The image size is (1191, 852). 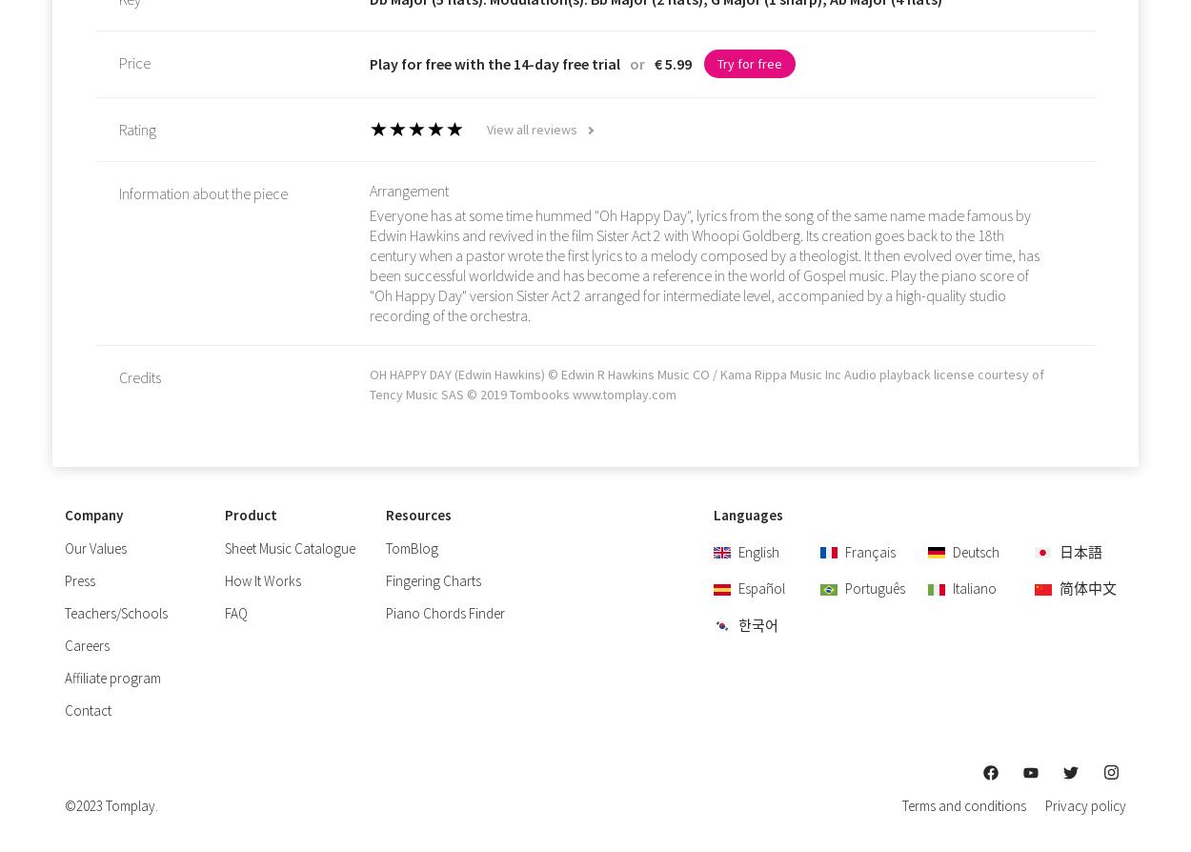 I want to click on 'Play for free with the 14-day free trial', so click(x=495, y=63).